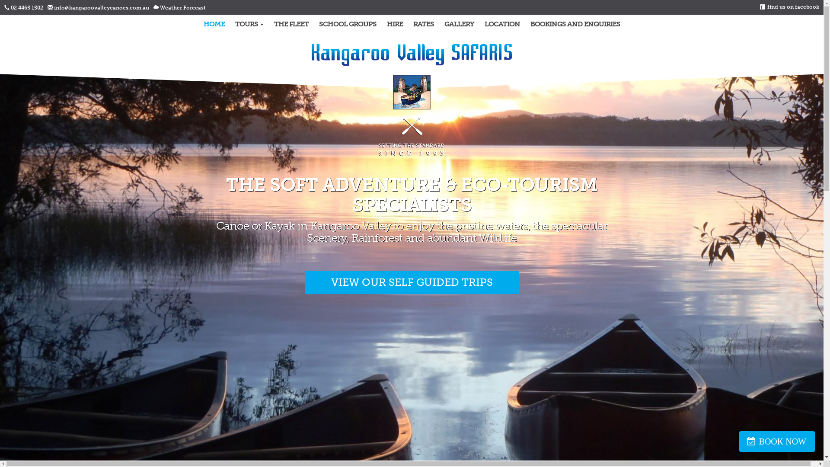 The width and height of the screenshot is (830, 467). What do you see at coordinates (575, 24) in the screenshot?
I see `'BOOKINGS AND ENQUIRIES'` at bounding box center [575, 24].